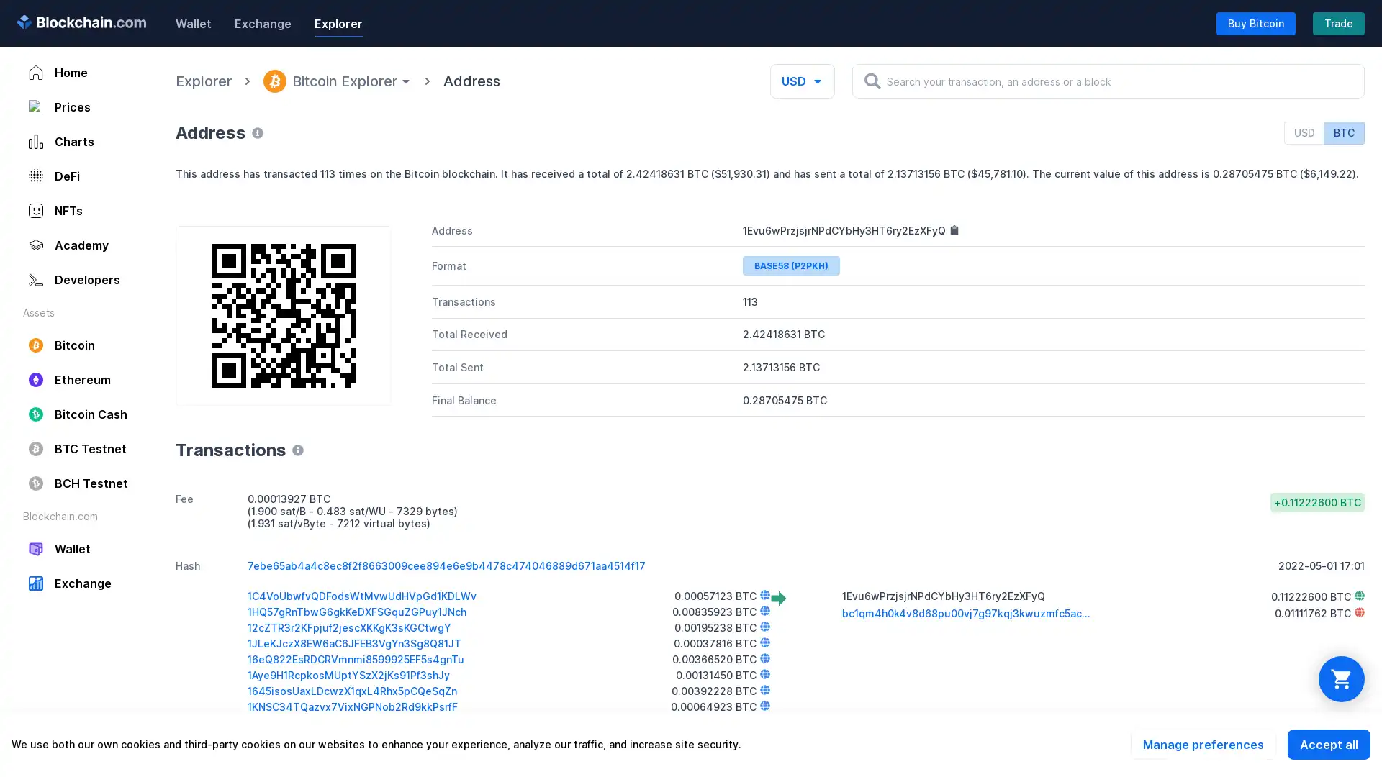  What do you see at coordinates (1328, 744) in the screenshot?
I see `Accept all` at bounding box center [1328, 744].